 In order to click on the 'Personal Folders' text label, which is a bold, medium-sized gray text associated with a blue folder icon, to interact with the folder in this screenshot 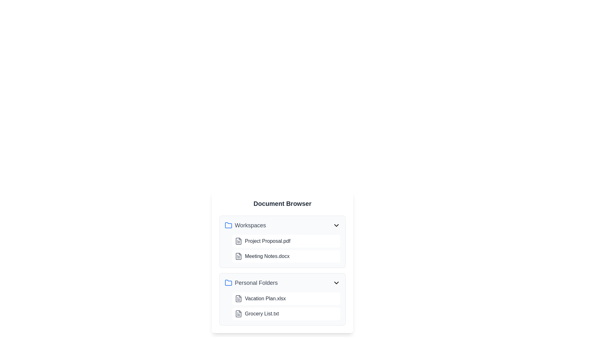, I will do `click(256, 282)`.